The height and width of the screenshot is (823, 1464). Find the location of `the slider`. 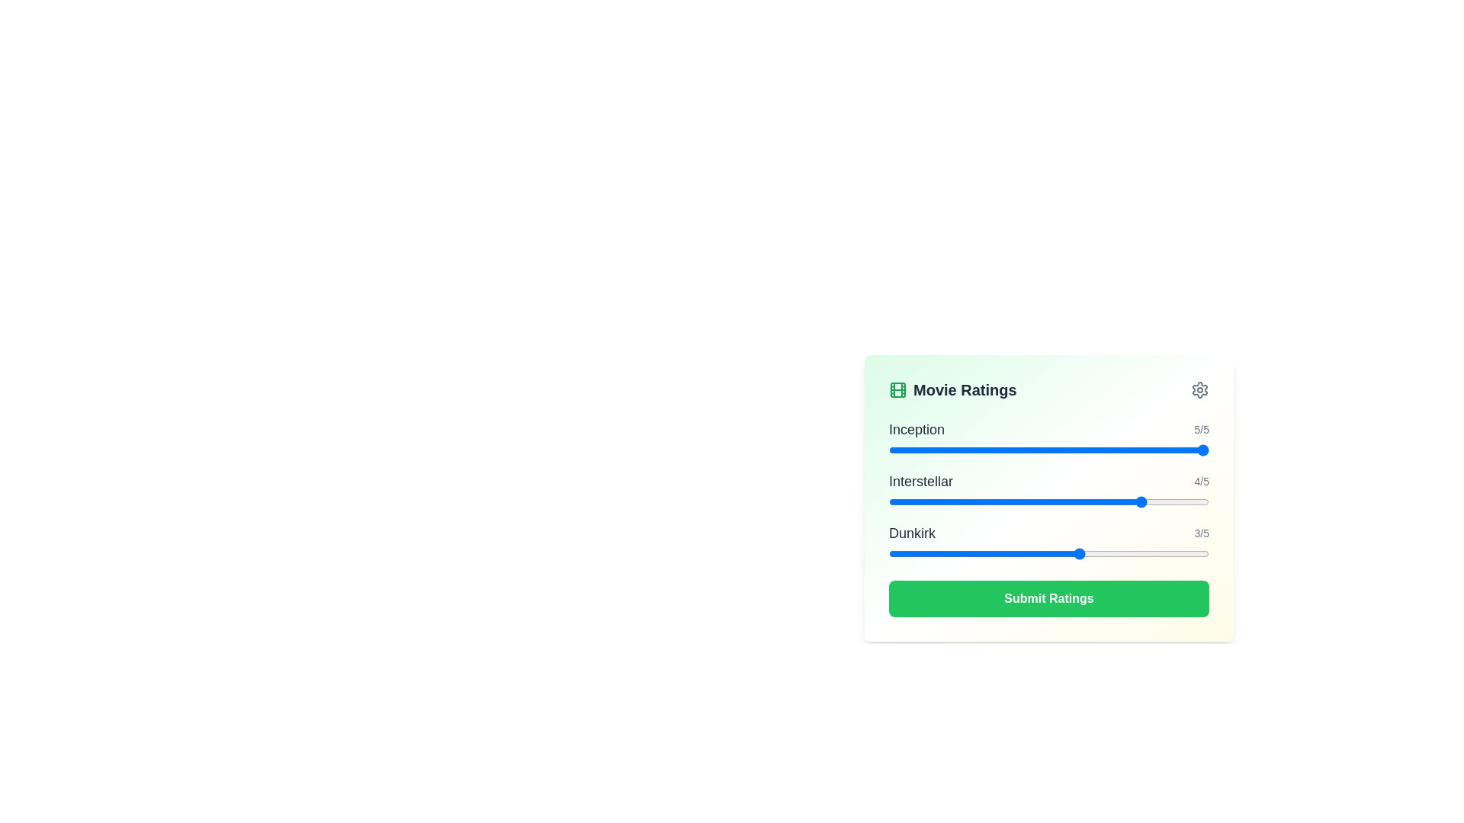

the slider is located at coordinates (1145, 502).